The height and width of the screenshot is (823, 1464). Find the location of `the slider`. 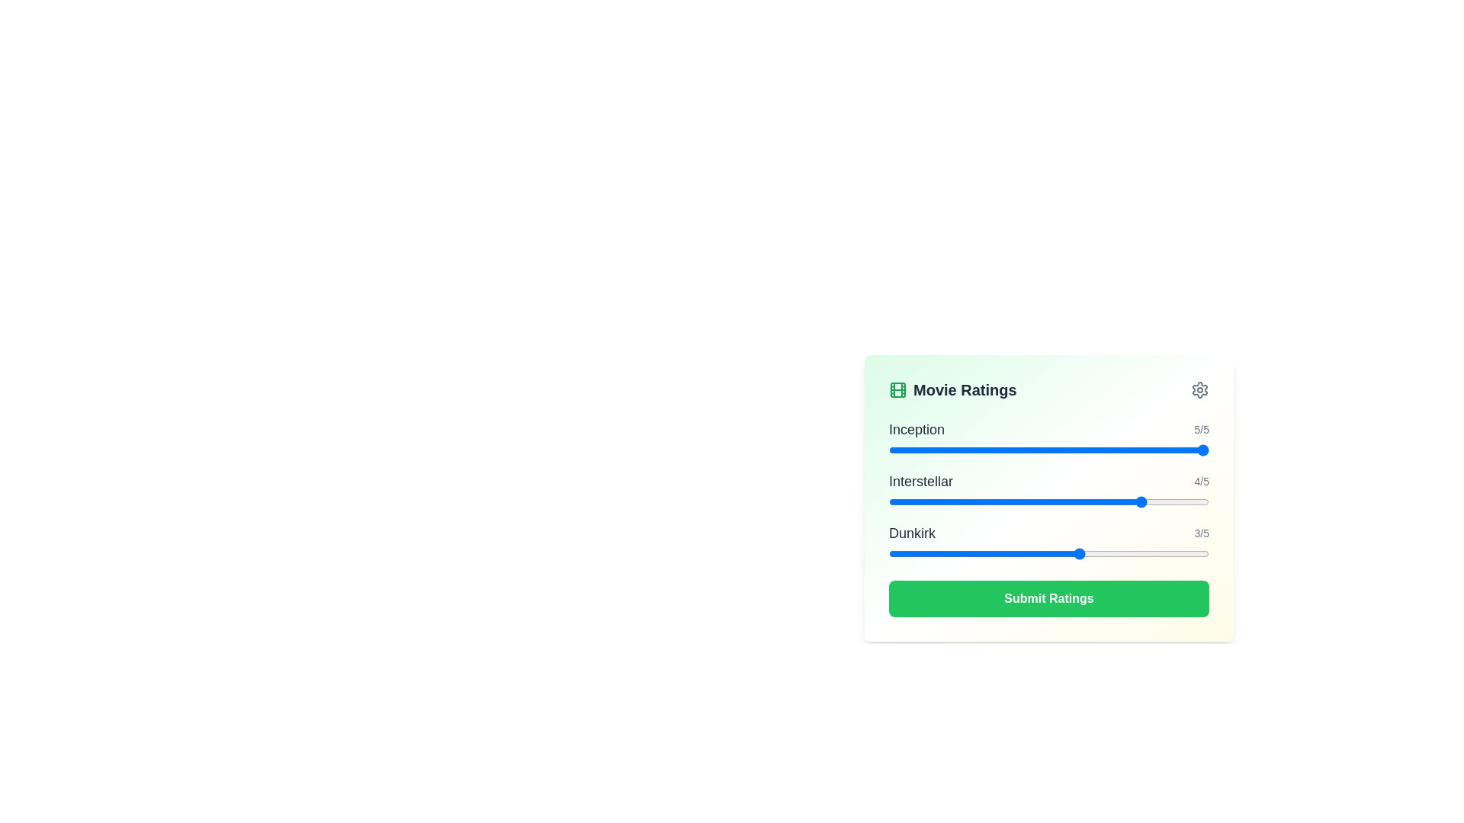

the slider is located at coordinates (1145, 502).